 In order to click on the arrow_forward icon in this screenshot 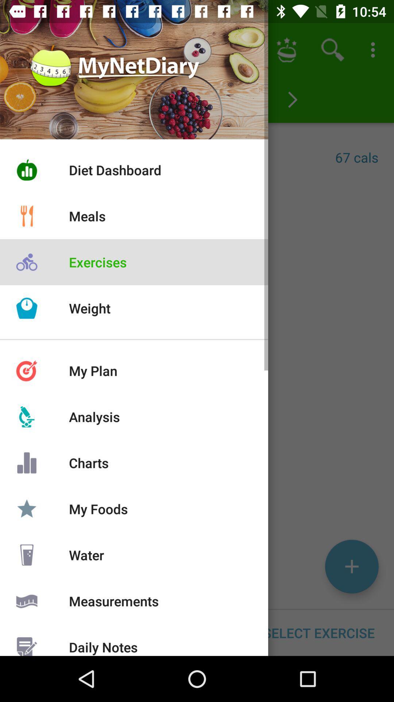, I will do `click(292, 99)`.